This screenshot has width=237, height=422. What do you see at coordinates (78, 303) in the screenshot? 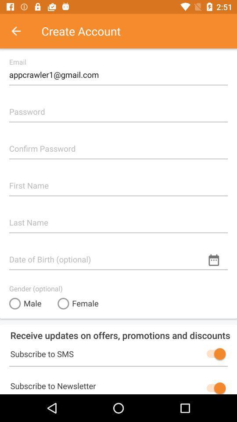
I see `item above receive updates on item` at bounding box center [78, 303].